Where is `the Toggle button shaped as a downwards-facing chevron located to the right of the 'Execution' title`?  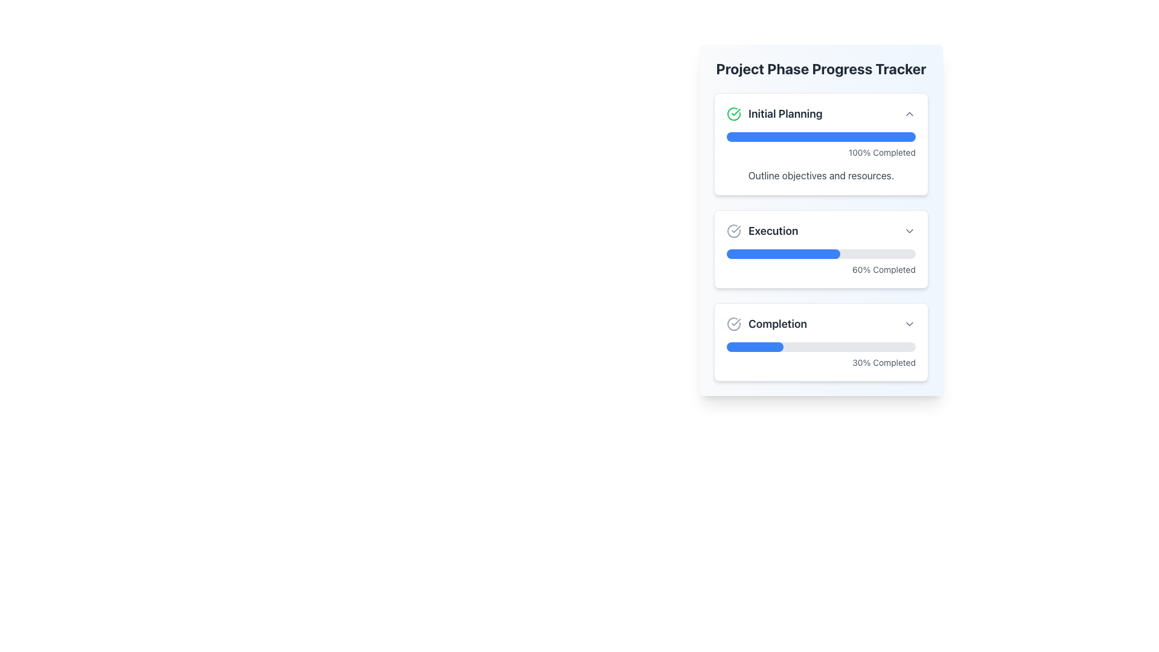 the Toggle button shaped as a downwards-facing chevron located to the right of the 'Execution' title is located at coordinates (910, 231).